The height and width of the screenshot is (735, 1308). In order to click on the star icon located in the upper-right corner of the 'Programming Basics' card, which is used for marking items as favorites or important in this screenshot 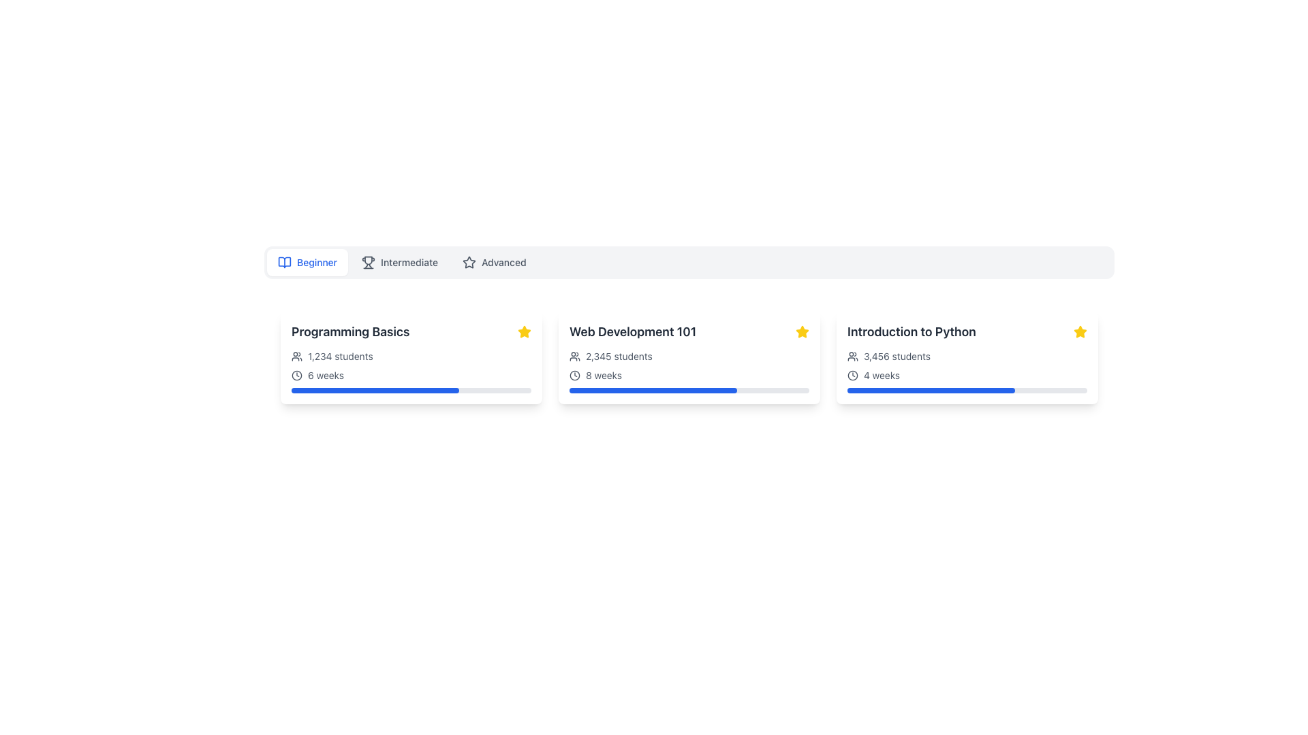, I will do `click(523, 331)`.